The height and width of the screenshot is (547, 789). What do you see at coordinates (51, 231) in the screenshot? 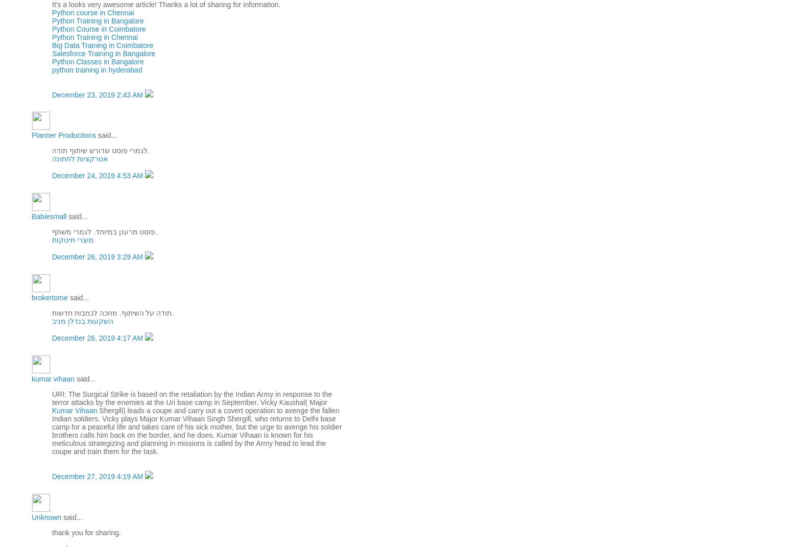
I see `'פוסט מרענן במיוחד. לגמרי משתף.'` at bounding box center [51, 231].